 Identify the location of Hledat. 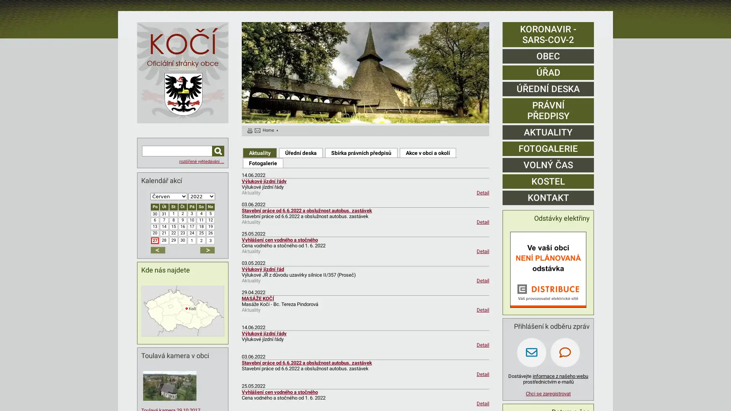
(217, 151).